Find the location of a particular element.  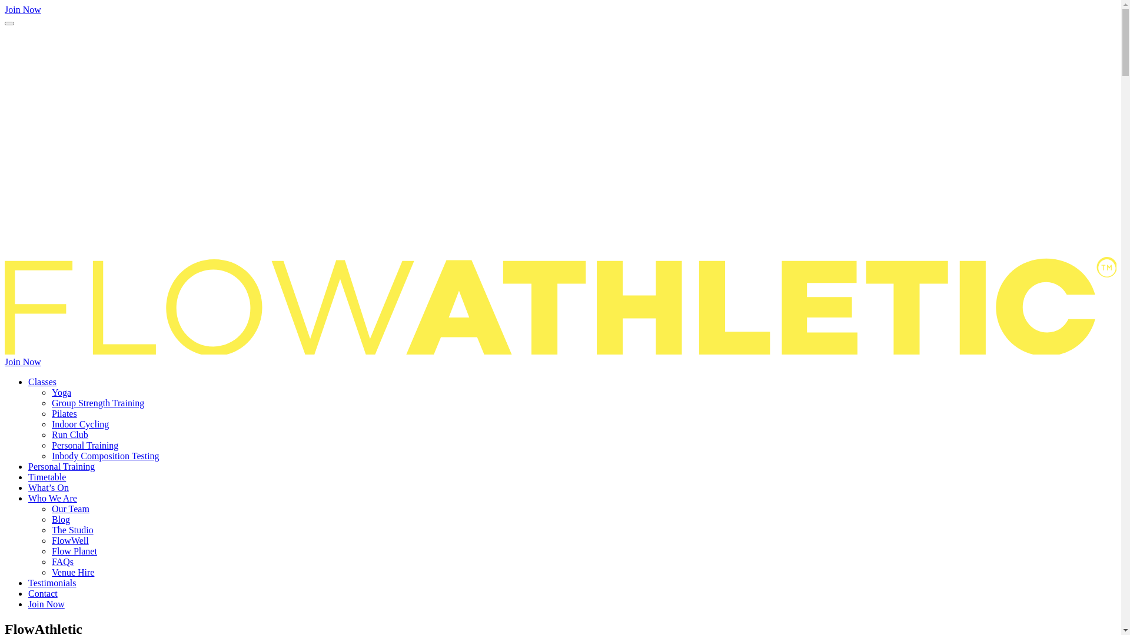

'FlowWell' is located at coordinates (69, 540).